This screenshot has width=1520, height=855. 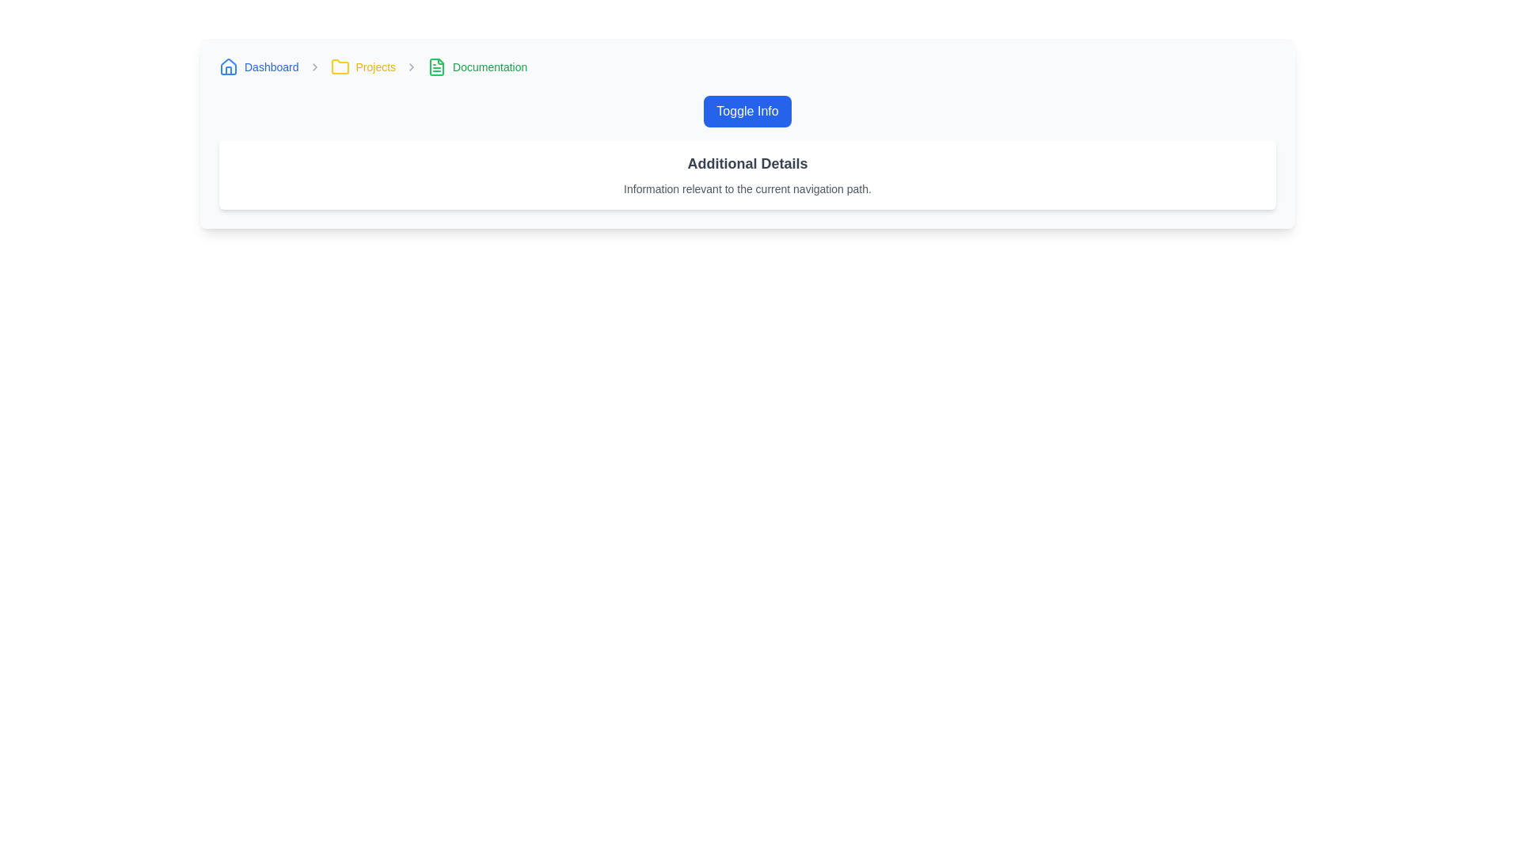 I want to click on the 'Documentation' icon in the breadcrumb navigation bar, which visually represents the documentation section and is located between the 'Projects' folder icon and the text 'Documentation', so click(x=437, y=66).